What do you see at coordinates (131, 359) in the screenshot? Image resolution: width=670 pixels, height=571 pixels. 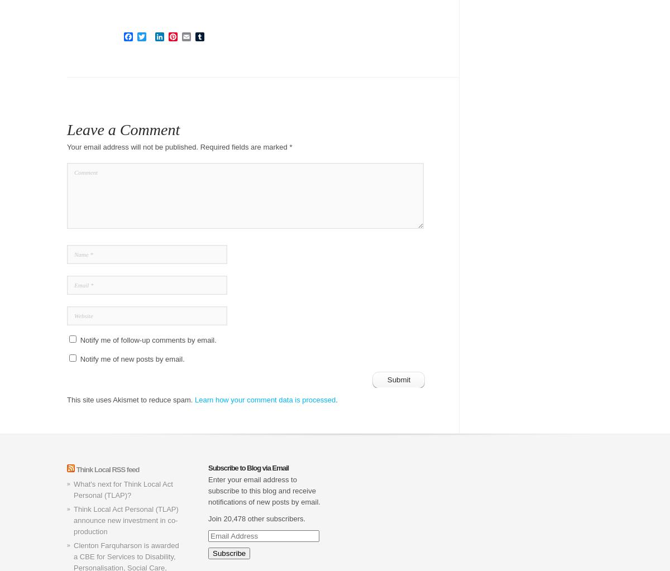 I see `'Notify me of new posts by email.'` at bounding box center [131, 359].